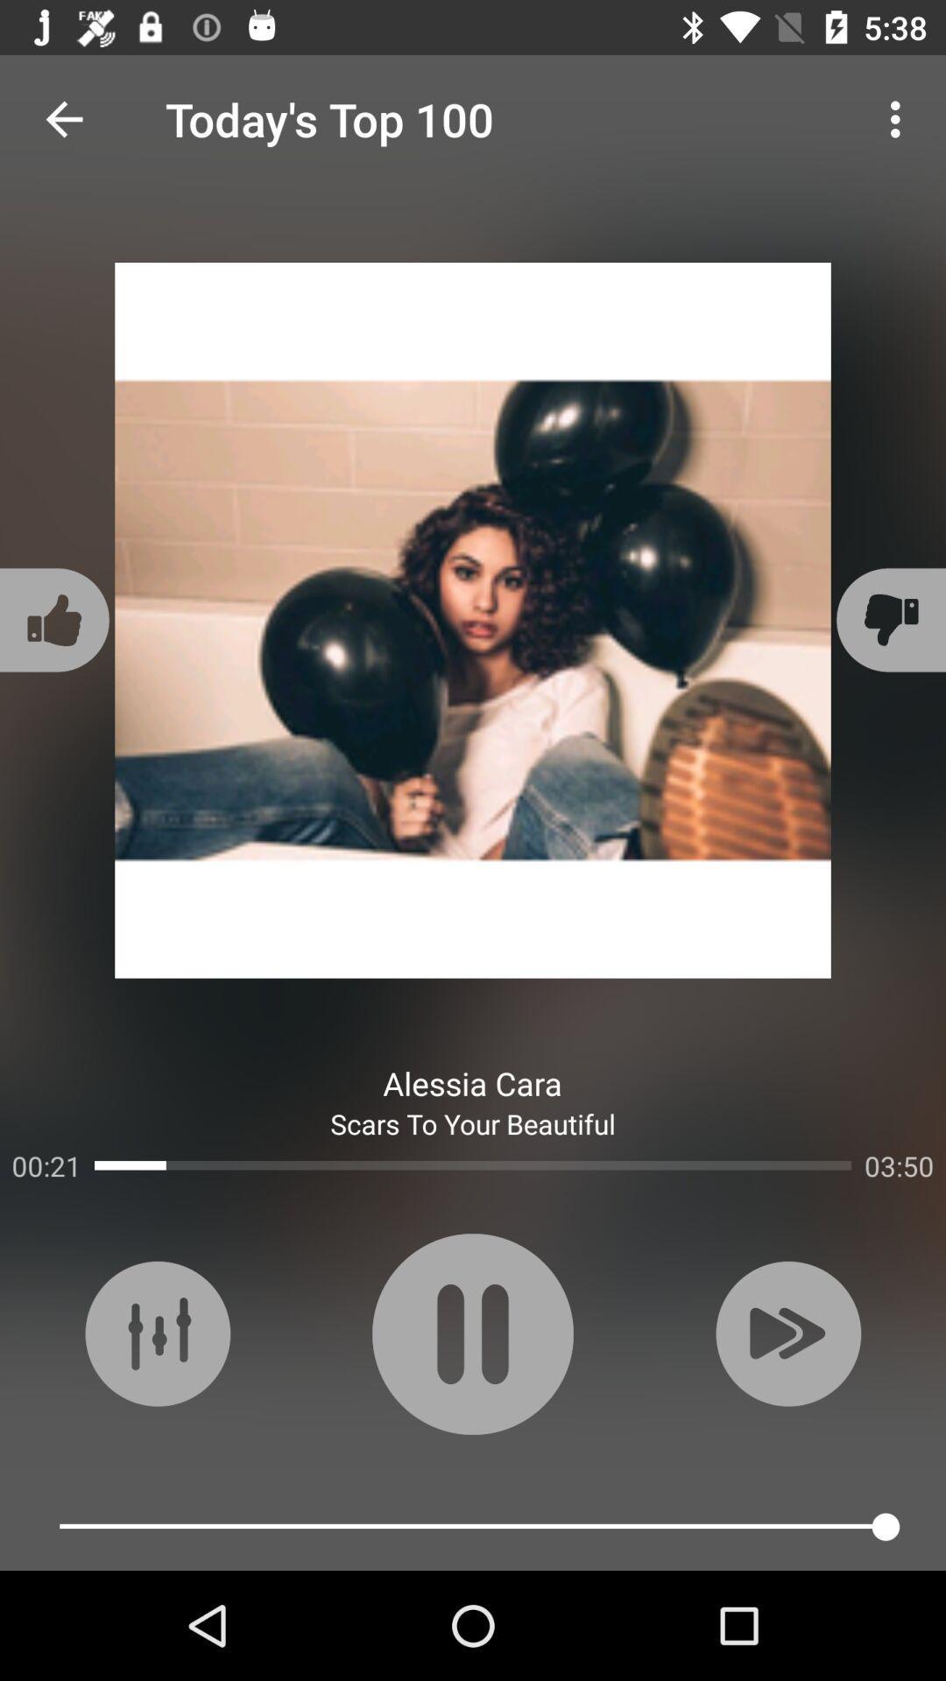 Image resolution: width=946 pixels, height=1681 pixels. I want to click on the icon next to today s top item, so click(63, 118).